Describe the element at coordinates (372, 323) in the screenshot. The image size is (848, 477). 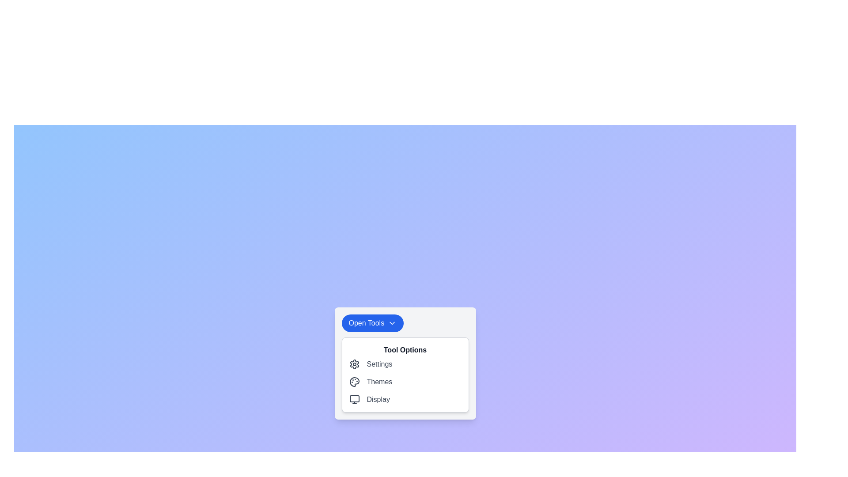
I see `the blue button labeled 'Open Tools'` at that location.